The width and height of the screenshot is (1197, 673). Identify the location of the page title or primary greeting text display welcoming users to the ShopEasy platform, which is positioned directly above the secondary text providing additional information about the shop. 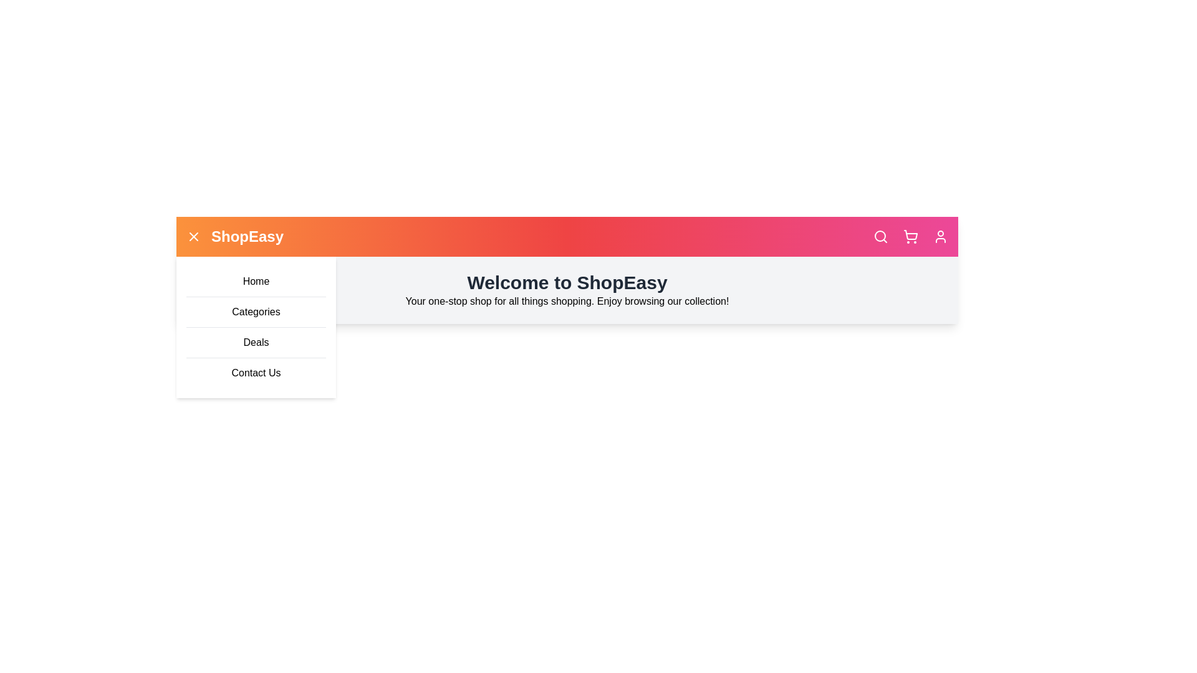
(567, 283).